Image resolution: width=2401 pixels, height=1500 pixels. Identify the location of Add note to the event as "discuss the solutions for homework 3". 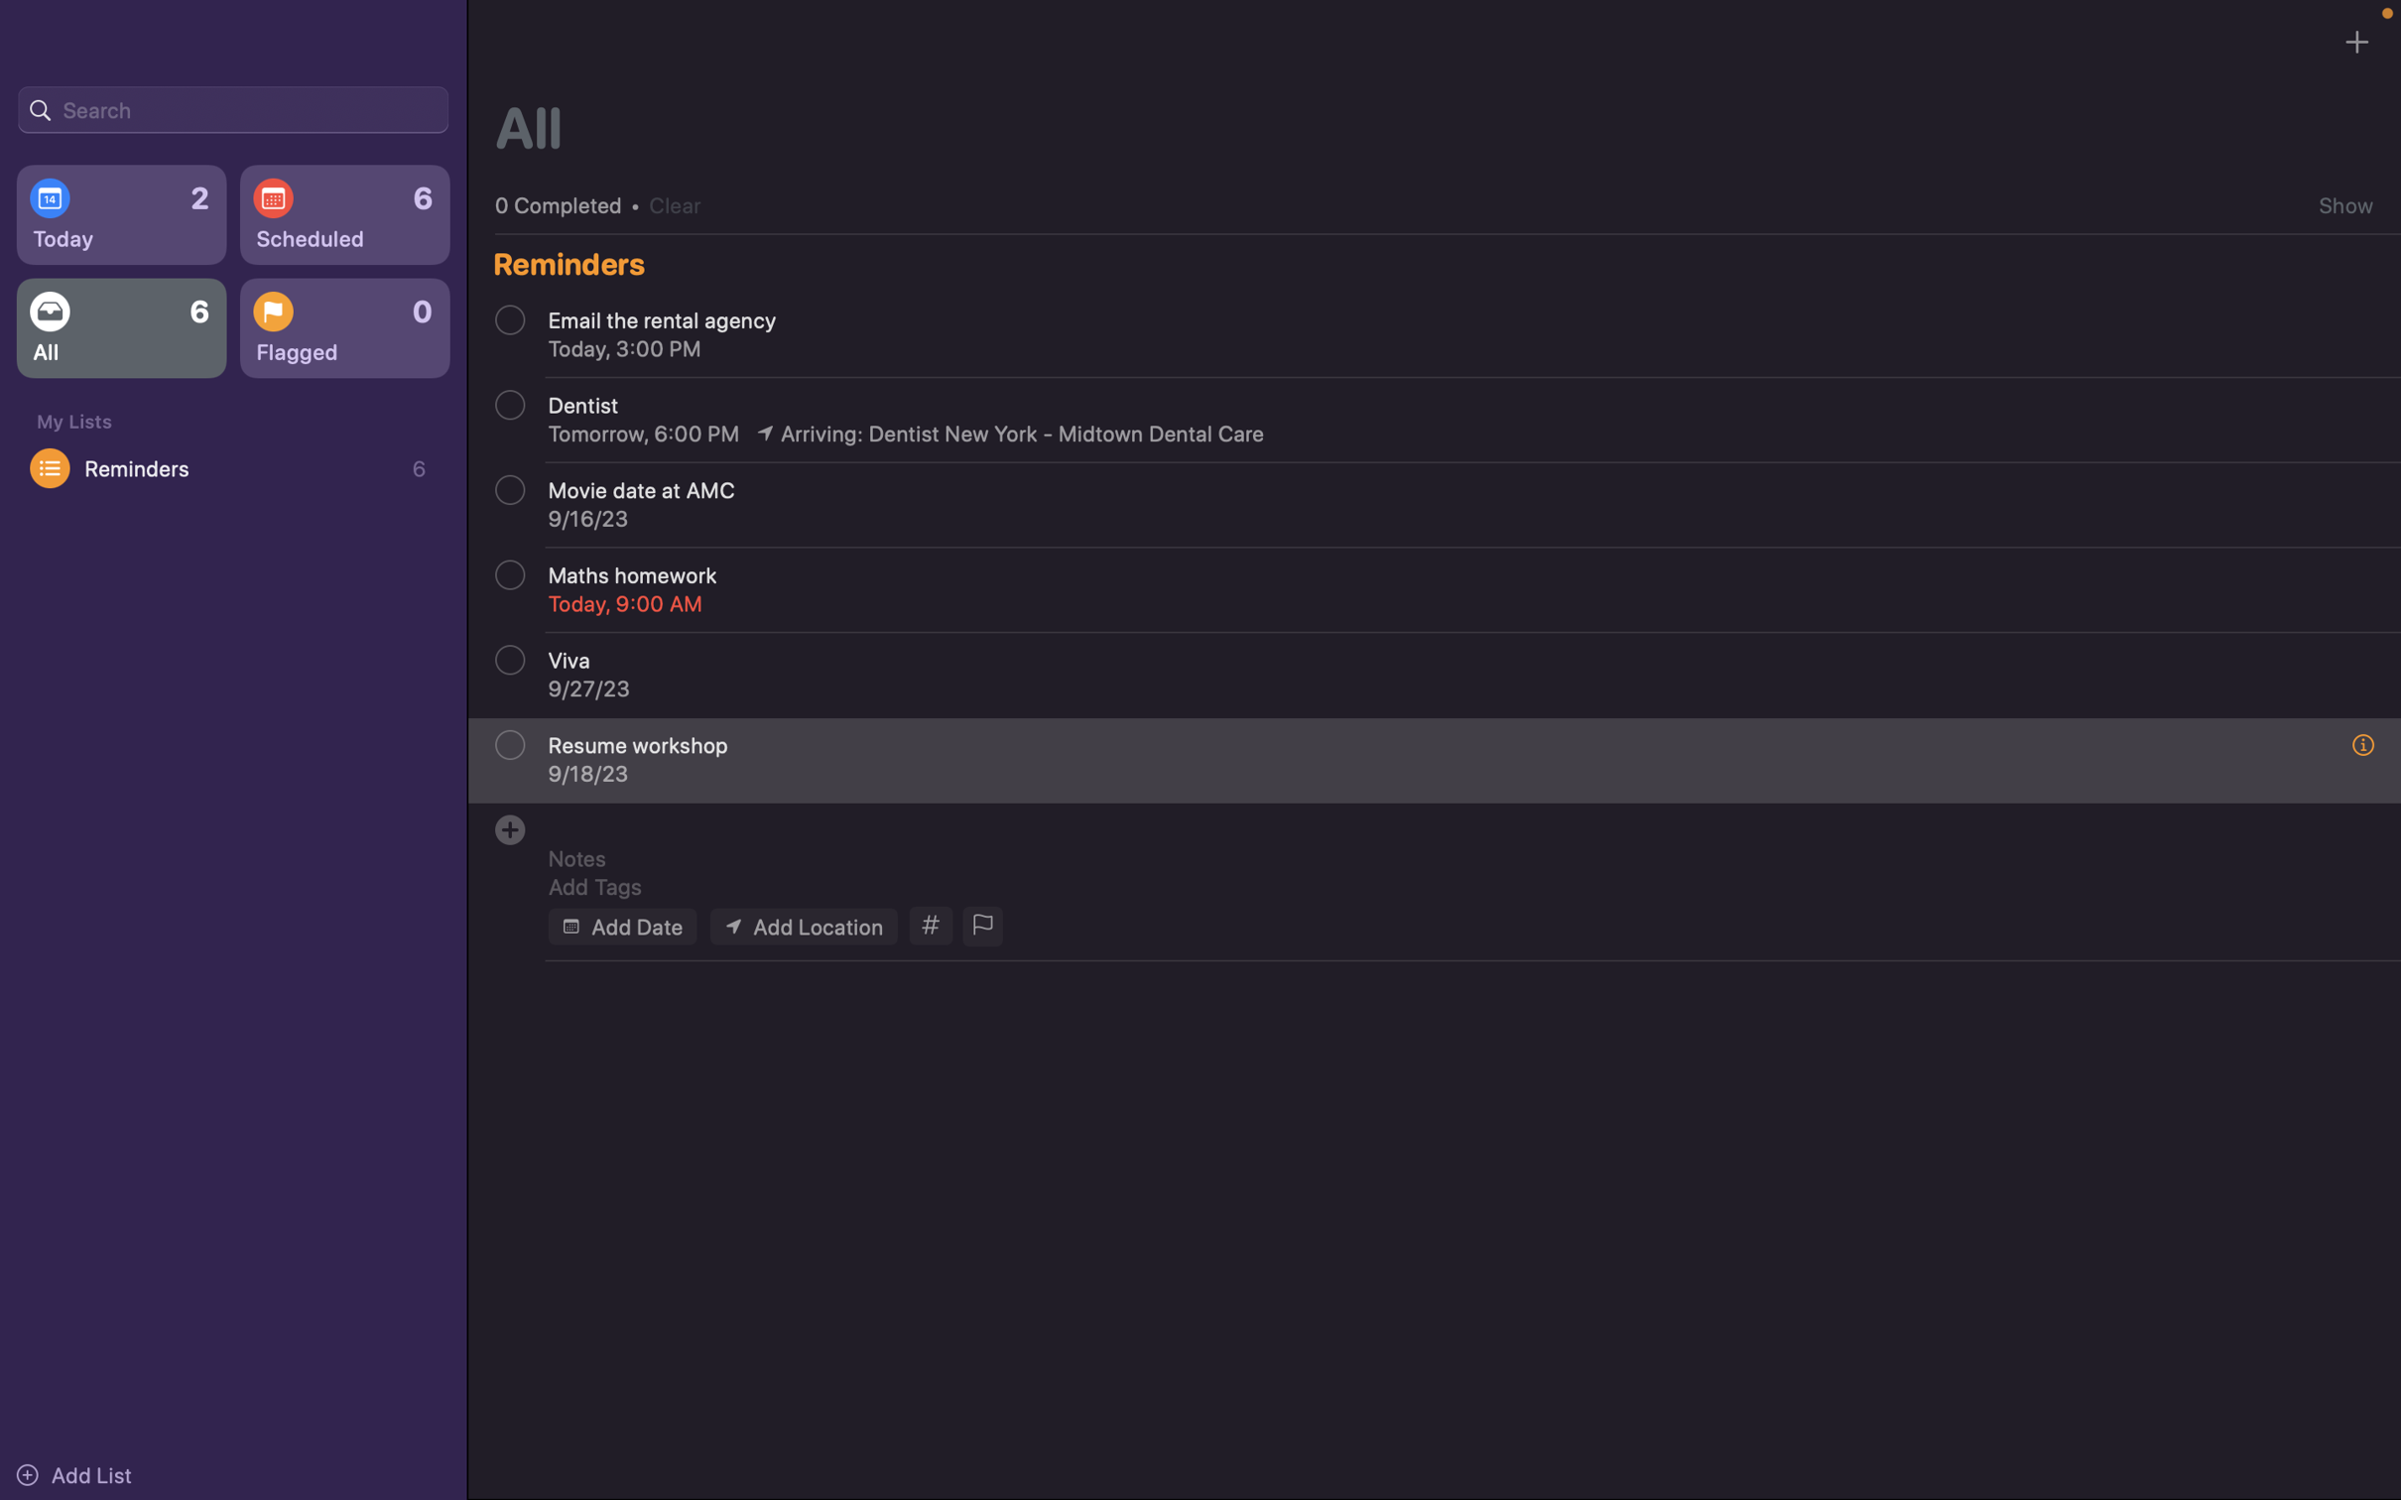
(1446, 857).